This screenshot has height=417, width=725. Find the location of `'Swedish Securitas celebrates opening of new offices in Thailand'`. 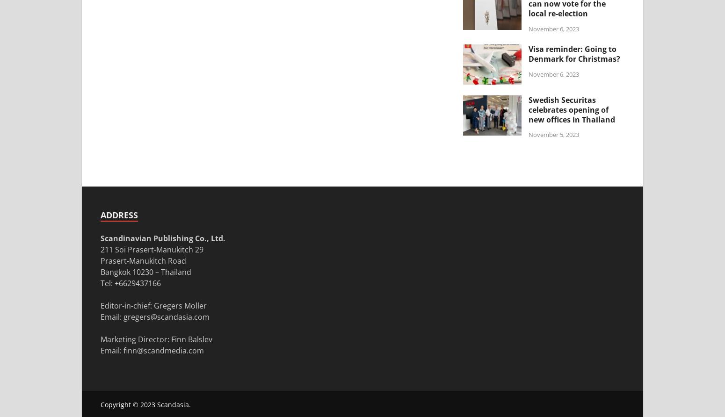

'Swedish Securitas celebrates opening of new offices in Thailand' is located at coordinates (572, 109).